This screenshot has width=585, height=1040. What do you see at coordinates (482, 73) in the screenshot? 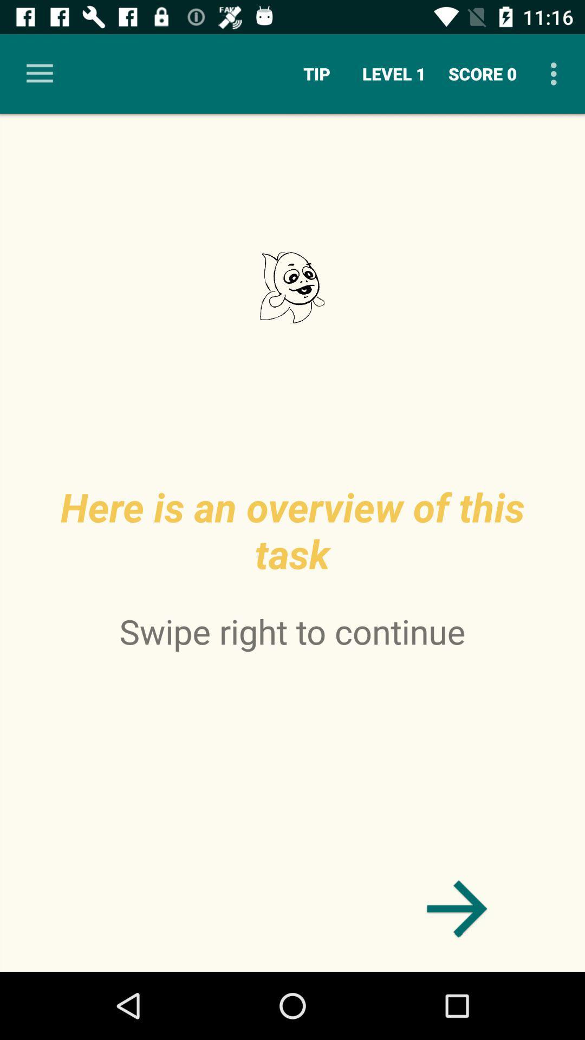
I see `score 0` at bounding box center [482, 73].